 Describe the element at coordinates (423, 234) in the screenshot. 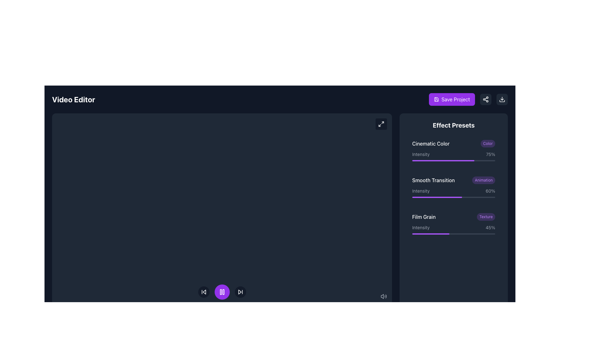

I see `the intensity slider` at that location.